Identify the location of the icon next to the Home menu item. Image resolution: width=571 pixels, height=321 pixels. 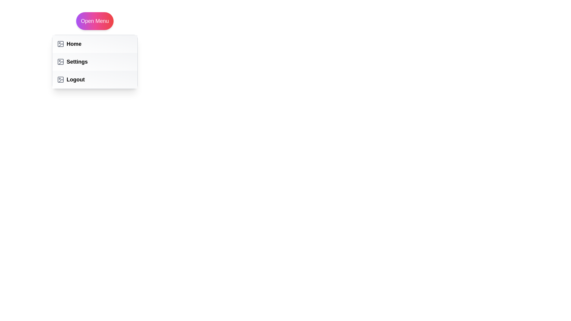
(60, 43).